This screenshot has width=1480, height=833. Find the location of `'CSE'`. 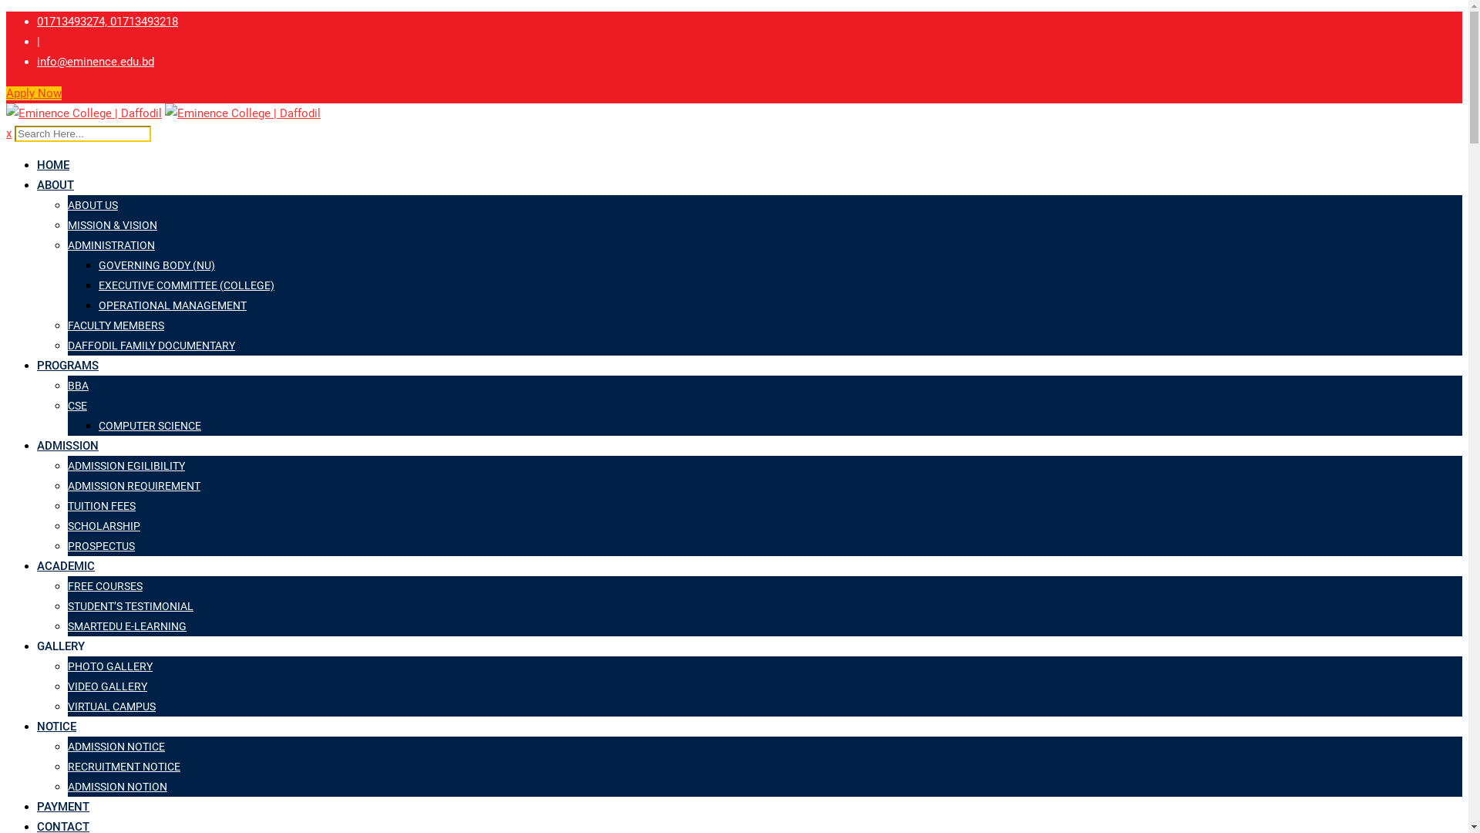

'CSE' is located at coordinates (76, 404).